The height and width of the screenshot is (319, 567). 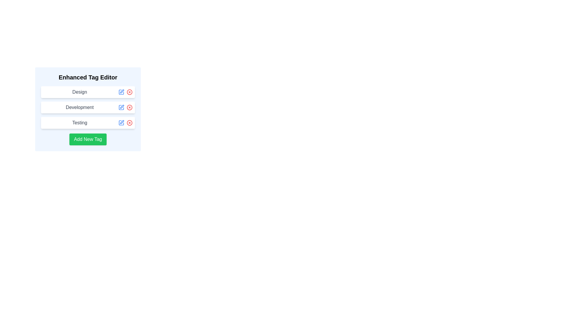 I want to click on the 'Add Tag' button located at the bottom of the 'Enhanced Tag Editor' group, so click(x=87, y=139).